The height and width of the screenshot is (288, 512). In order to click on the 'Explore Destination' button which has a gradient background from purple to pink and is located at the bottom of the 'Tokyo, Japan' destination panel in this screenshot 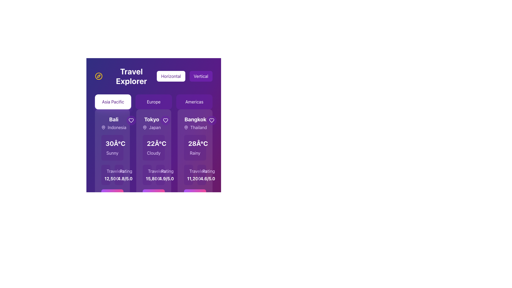, I will do `click(153, 199)`.